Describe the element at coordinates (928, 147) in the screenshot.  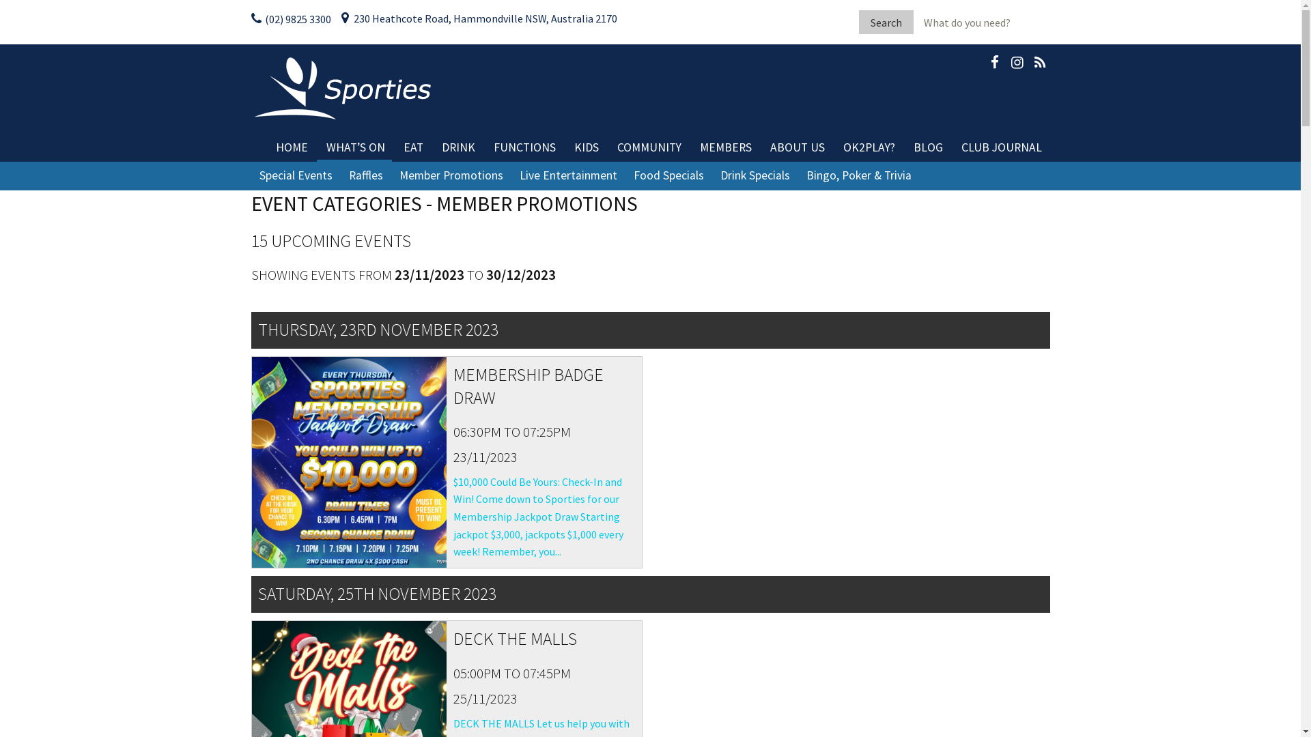
I see `'BLOG'` at that location.